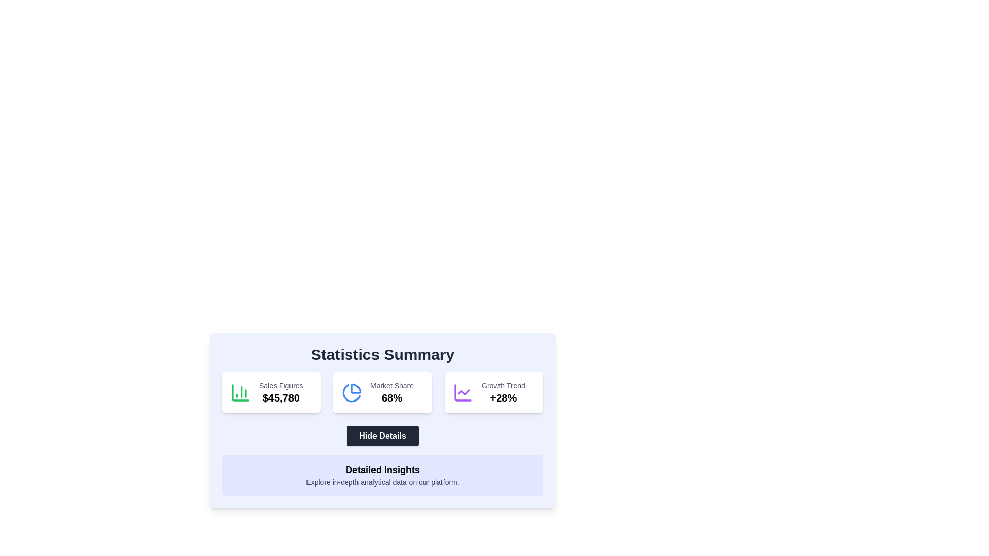 The image size is (989, 556). What do you see at coordinates (351, 393) in the screenshot?
I see `the Market Share icon located to the left of the Market Share text and percentage values` at bounding box center [351, 393].